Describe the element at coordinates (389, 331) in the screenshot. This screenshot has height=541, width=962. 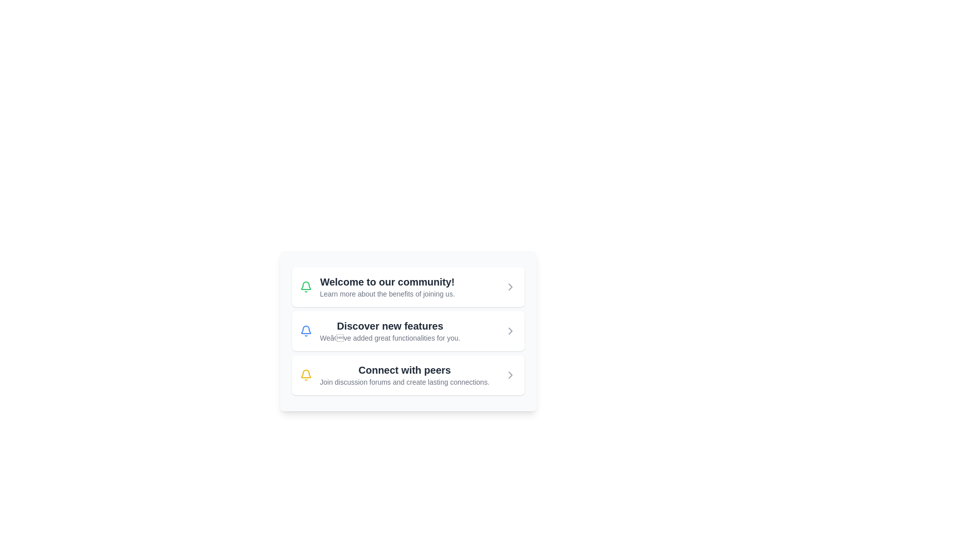
I see `the Informative Text Block that contains the title 'Discover new features' and the description 'We’ve added great functionalities for you.'` at that location.